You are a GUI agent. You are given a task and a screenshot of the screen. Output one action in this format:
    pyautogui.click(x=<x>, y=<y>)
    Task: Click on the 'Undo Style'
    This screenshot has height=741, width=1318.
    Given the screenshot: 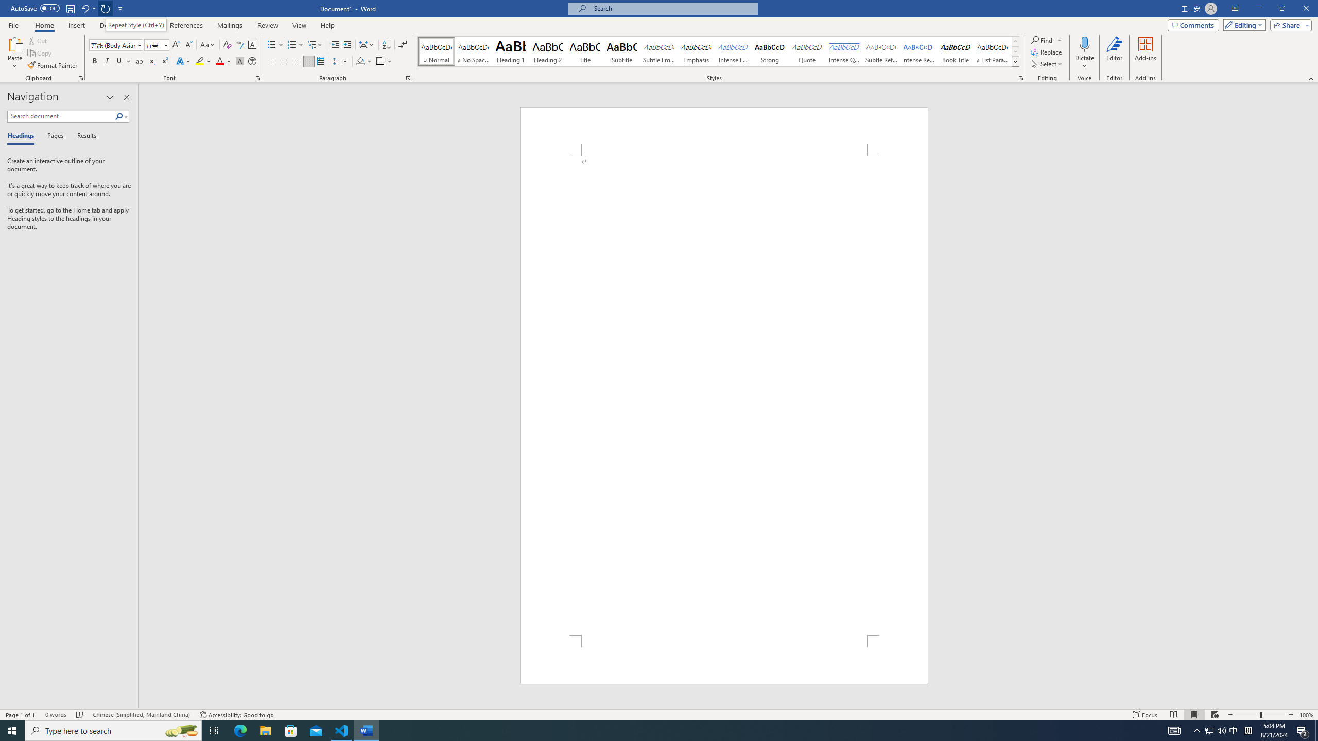 What is the action you would take?
    pyautogui.click(x=84, y=8)
    